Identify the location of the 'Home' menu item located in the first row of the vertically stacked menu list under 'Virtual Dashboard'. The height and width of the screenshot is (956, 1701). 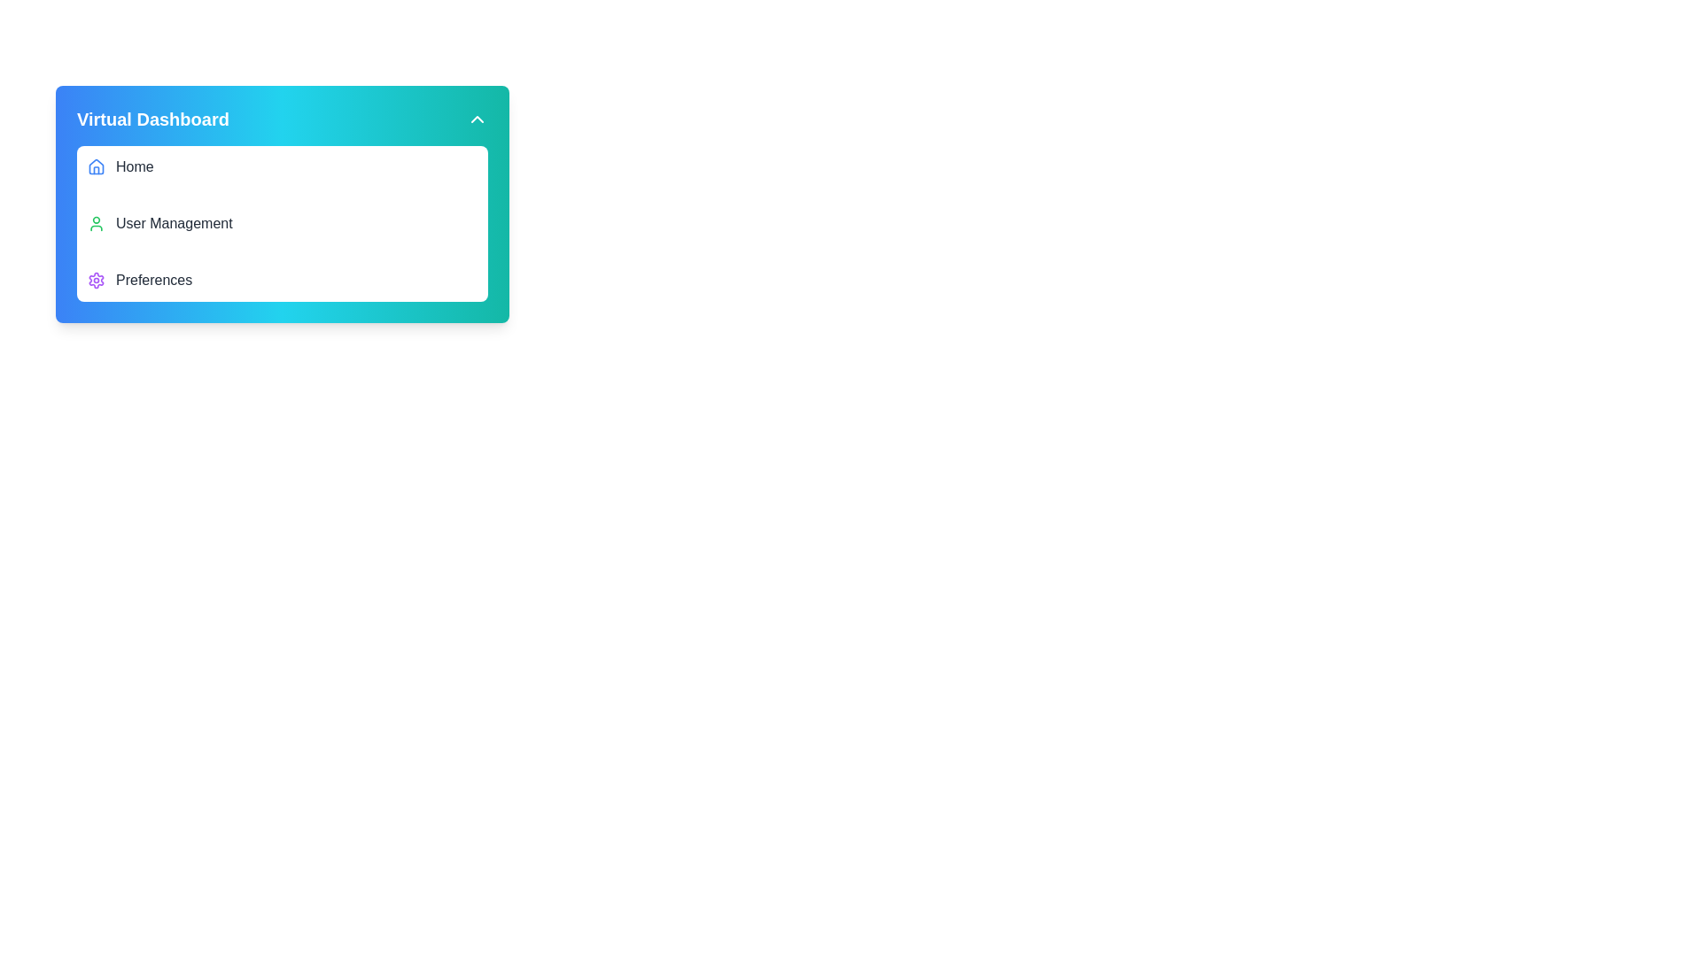
(281, 167).